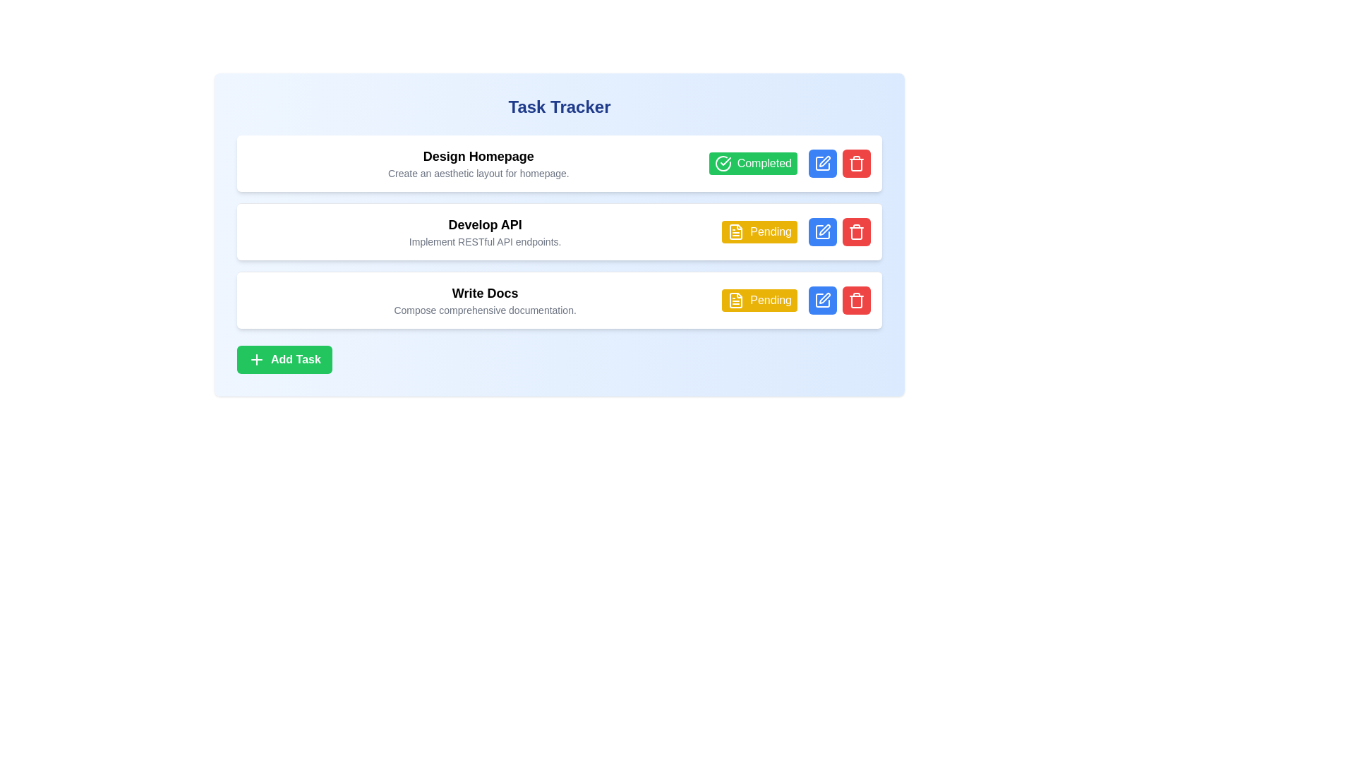  Describe the element at coordinates (485, 293) in the screenshot. I see `the text label for the task item titled 'Write Documentation', which is positioned below 'Design Homepage' and 'Develop API' in the task tracker interface` at that location.